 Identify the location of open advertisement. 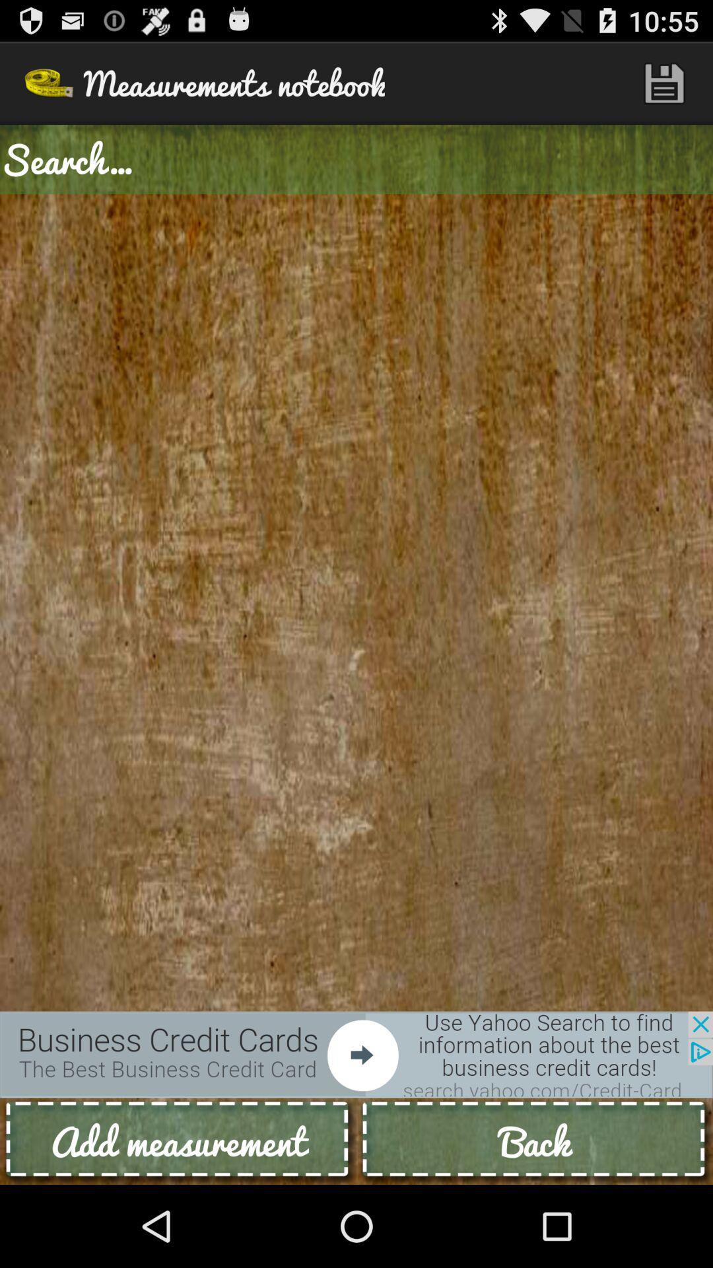
(356, 1054).